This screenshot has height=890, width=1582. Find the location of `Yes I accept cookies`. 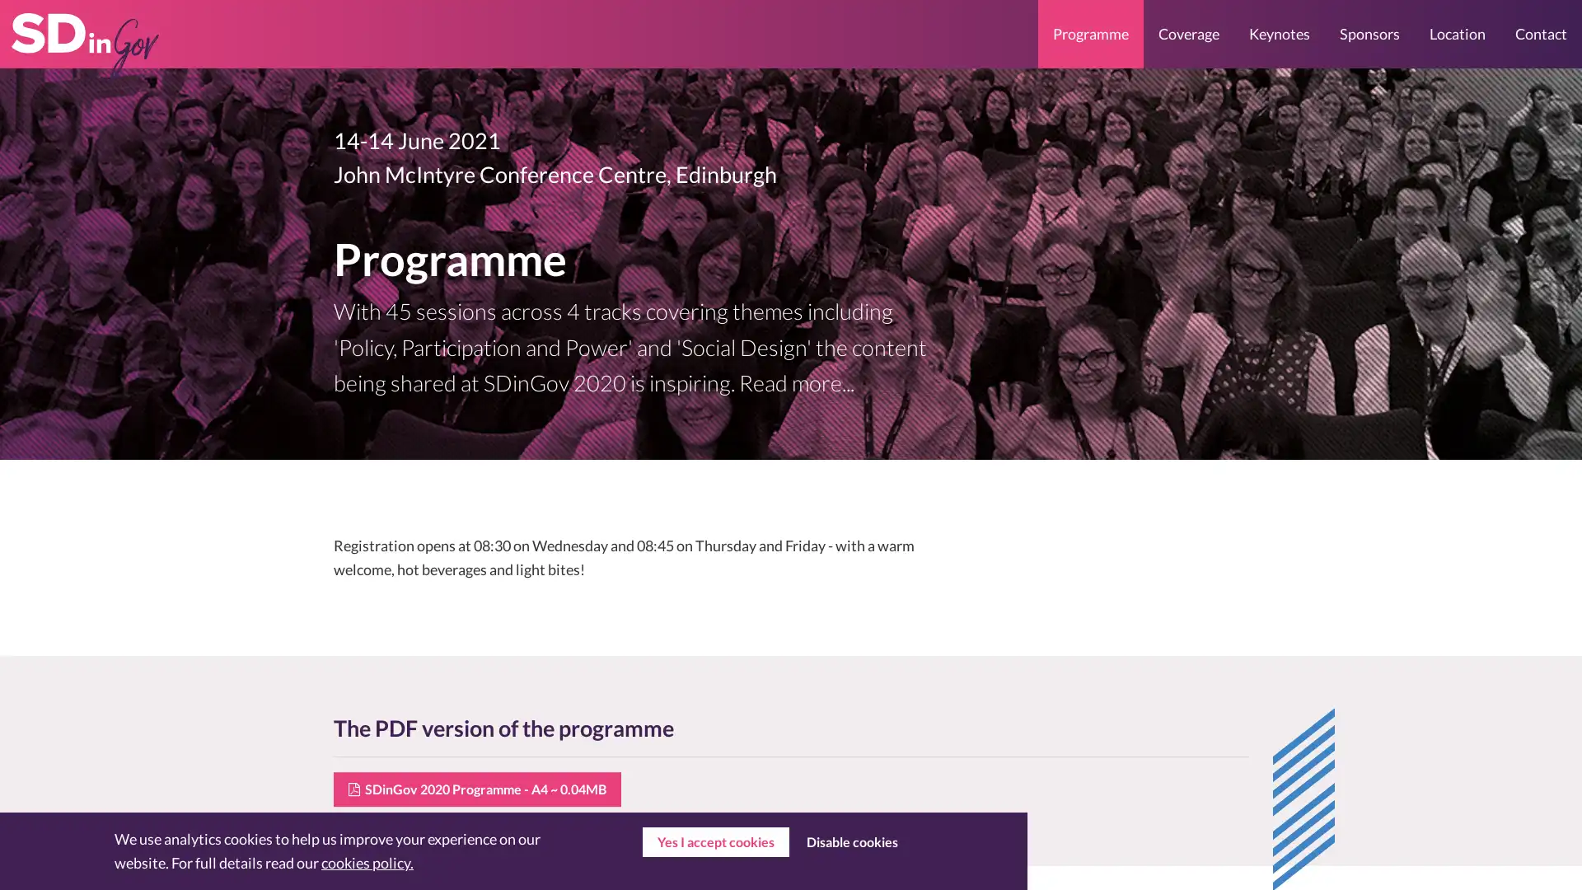

Yes I accept cookies is located at coordinates (715, 842).